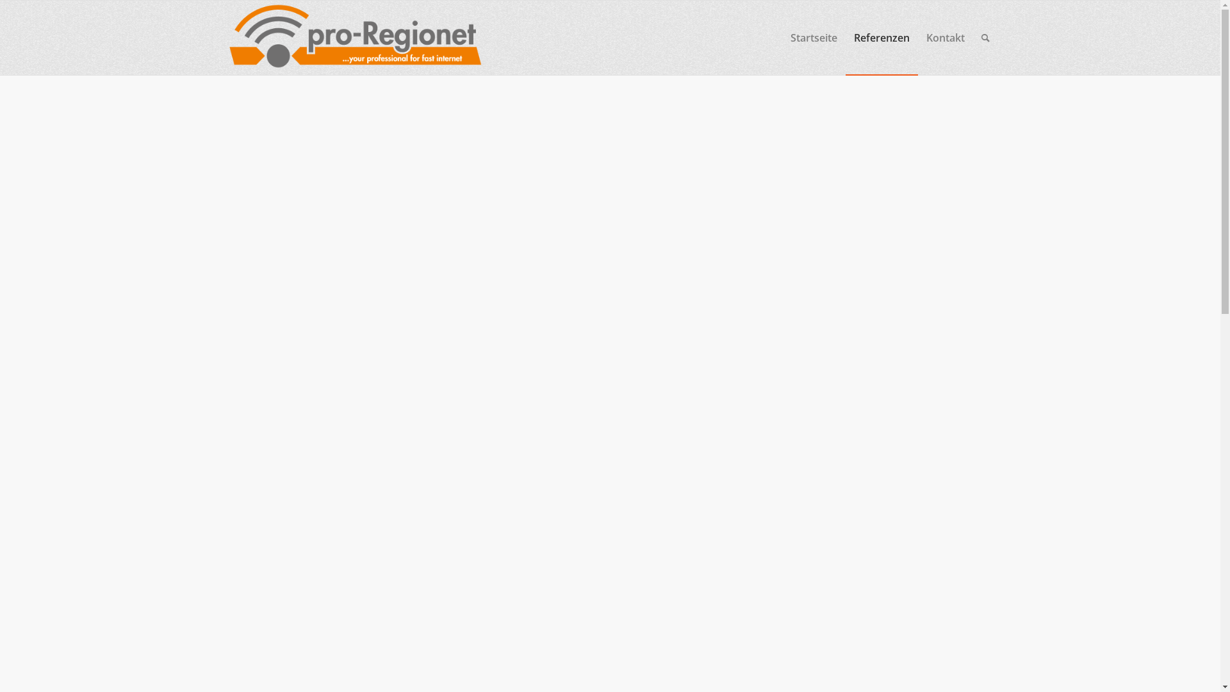  What do you see at coordinates (222, 37) in the screenshot?
I see `'180724_Logo_ProRegionet'` at bounding box center [222, 37].